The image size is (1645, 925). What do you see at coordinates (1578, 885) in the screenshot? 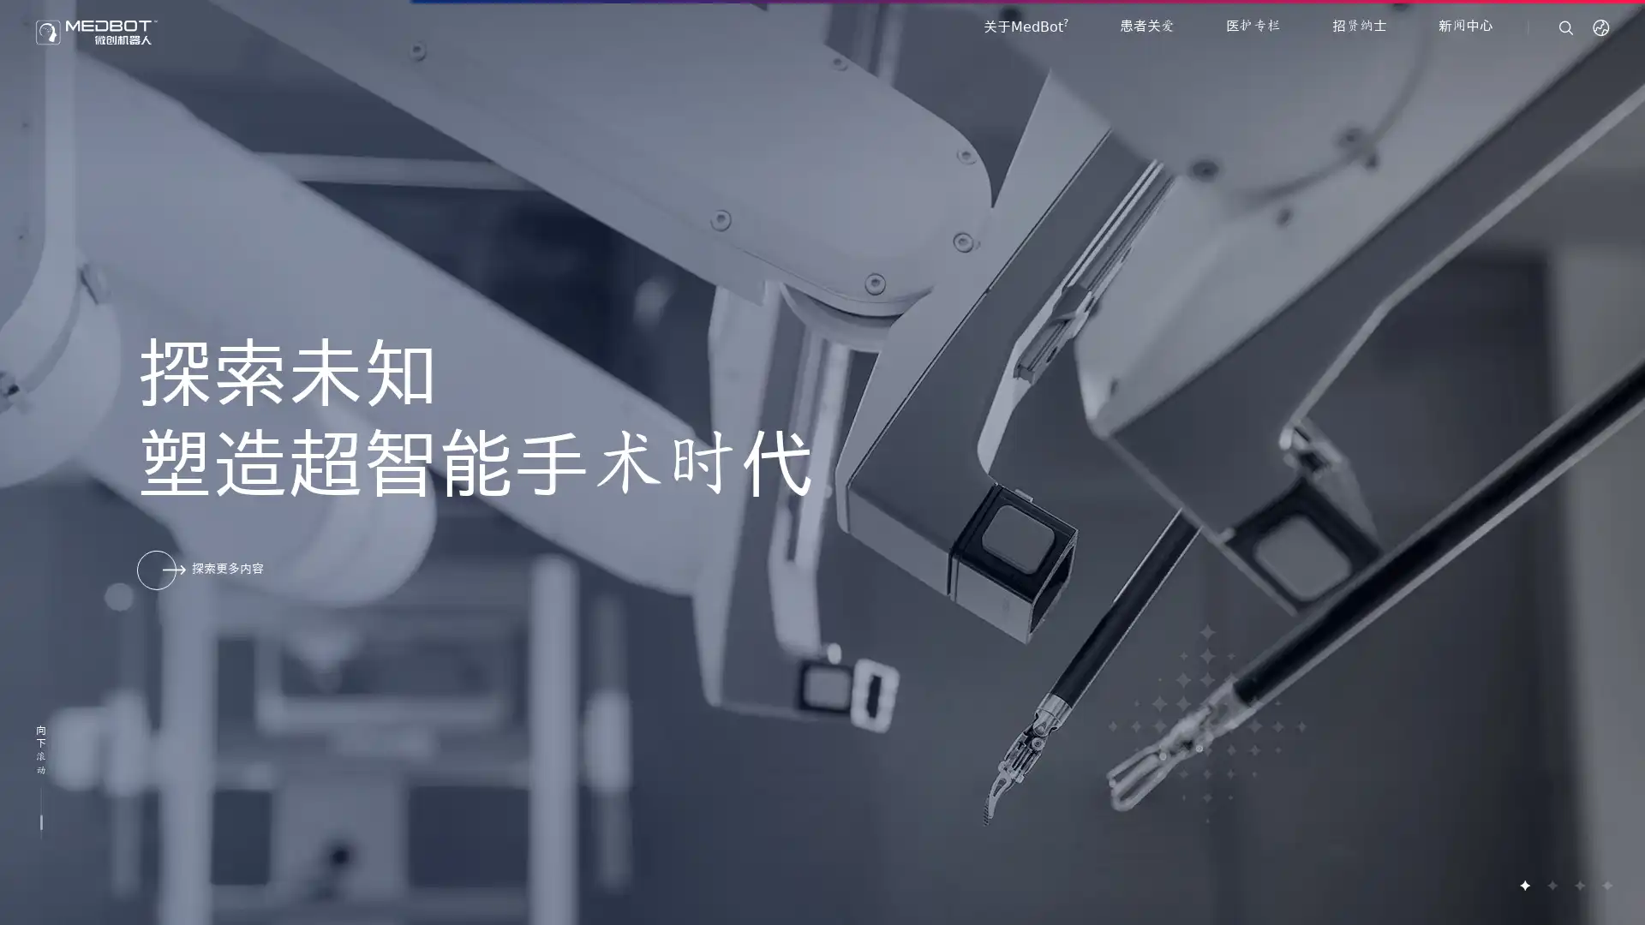
I see `Go to slide 3` at bounding box center [1578, 885].